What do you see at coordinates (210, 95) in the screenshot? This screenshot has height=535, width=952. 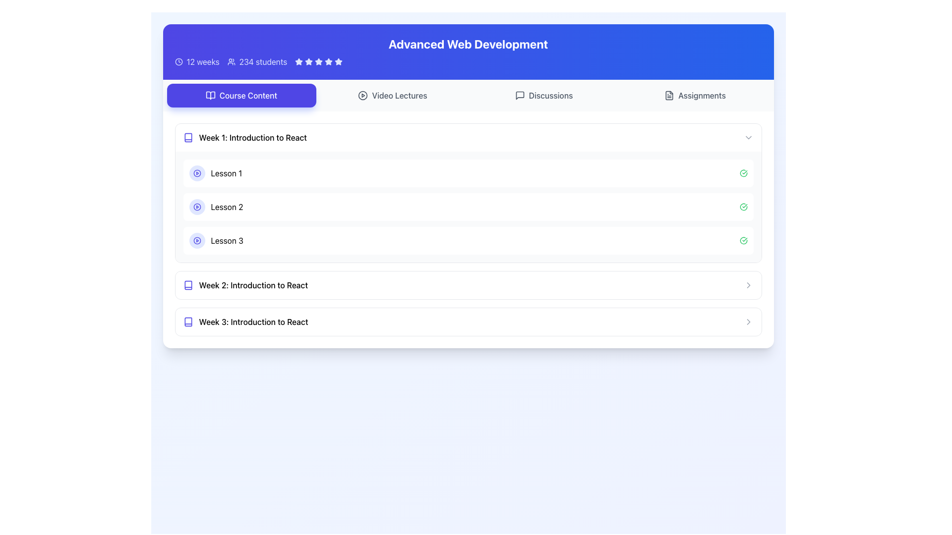 I see `the open book icon located inside the 'Course Content' button in the top header section` at bounding box center [210, 95].